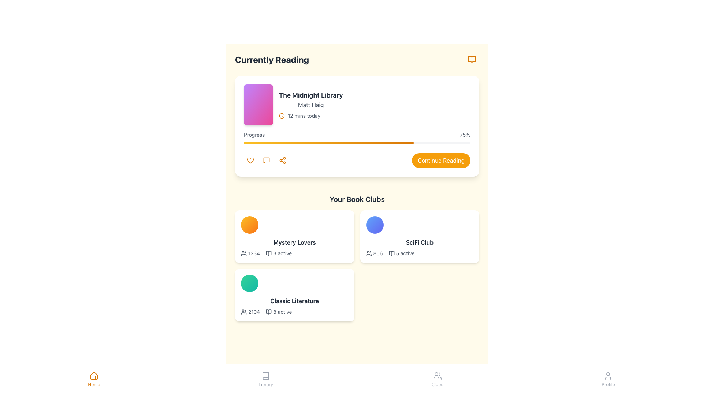  Describe the element at coordinates (244, 312) in the screenshot. I see `the icon representing the number of members in the book club located at the bottom-left corner of the 'Classic Literature' card under 'Your Book Clubs', which is directly to the left of the number '2104'` at that location.